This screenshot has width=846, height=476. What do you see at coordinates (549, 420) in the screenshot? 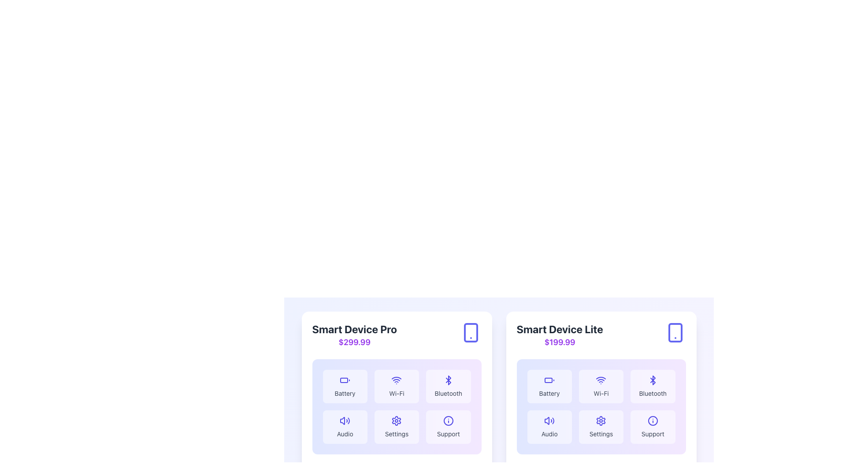
I see `the audio icon, which resembles a speaker emitting sound waves, located within the 'Audio' section of the 'Smart Device Lite' card` at bounding box center [549, 420].